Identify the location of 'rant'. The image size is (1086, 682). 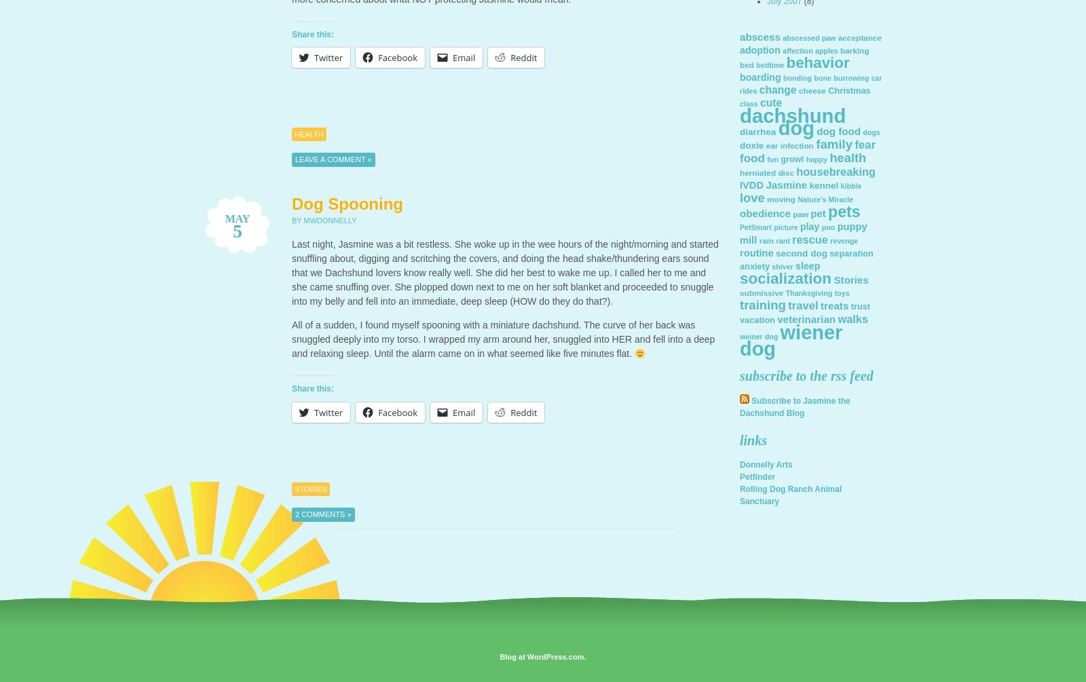
(782, 240).